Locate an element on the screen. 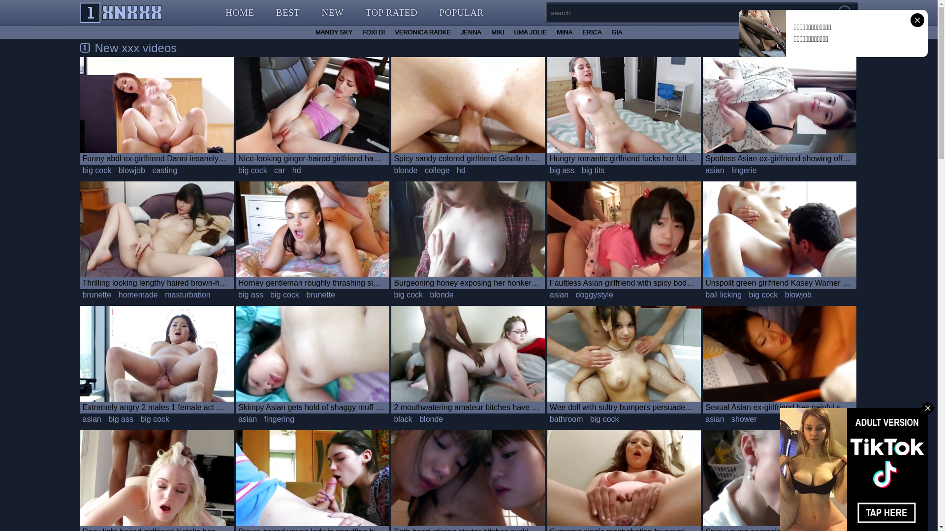 Image resolution: width=945 pixels, height=531 pixels. 'JENNA' is located at coordinates (455, 31).